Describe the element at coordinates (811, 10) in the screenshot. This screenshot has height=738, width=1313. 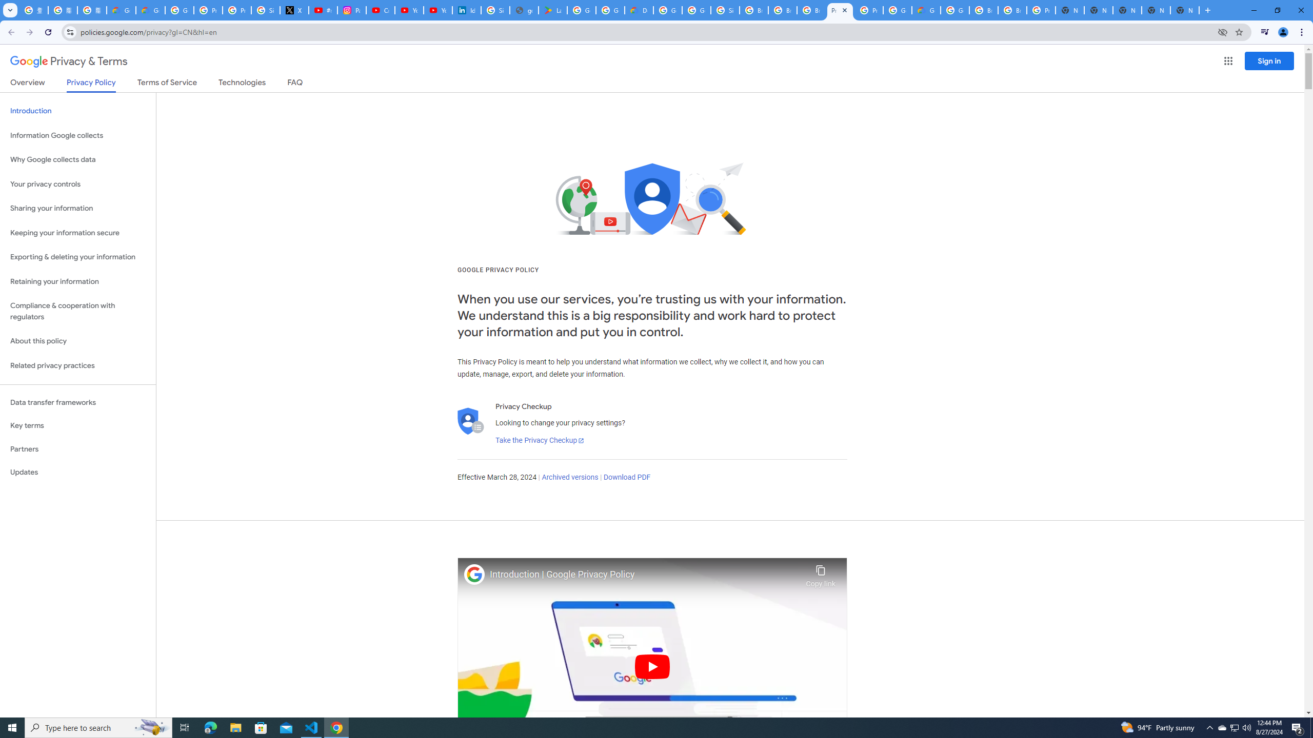
I see `'Browse Chrome as a guest - Computer - Google Chrome Help'` at that location.